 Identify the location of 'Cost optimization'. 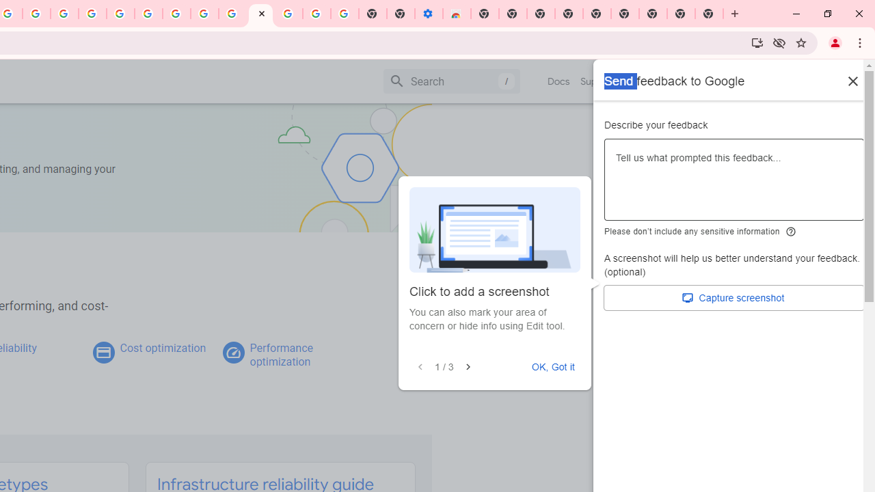
(163, 347).